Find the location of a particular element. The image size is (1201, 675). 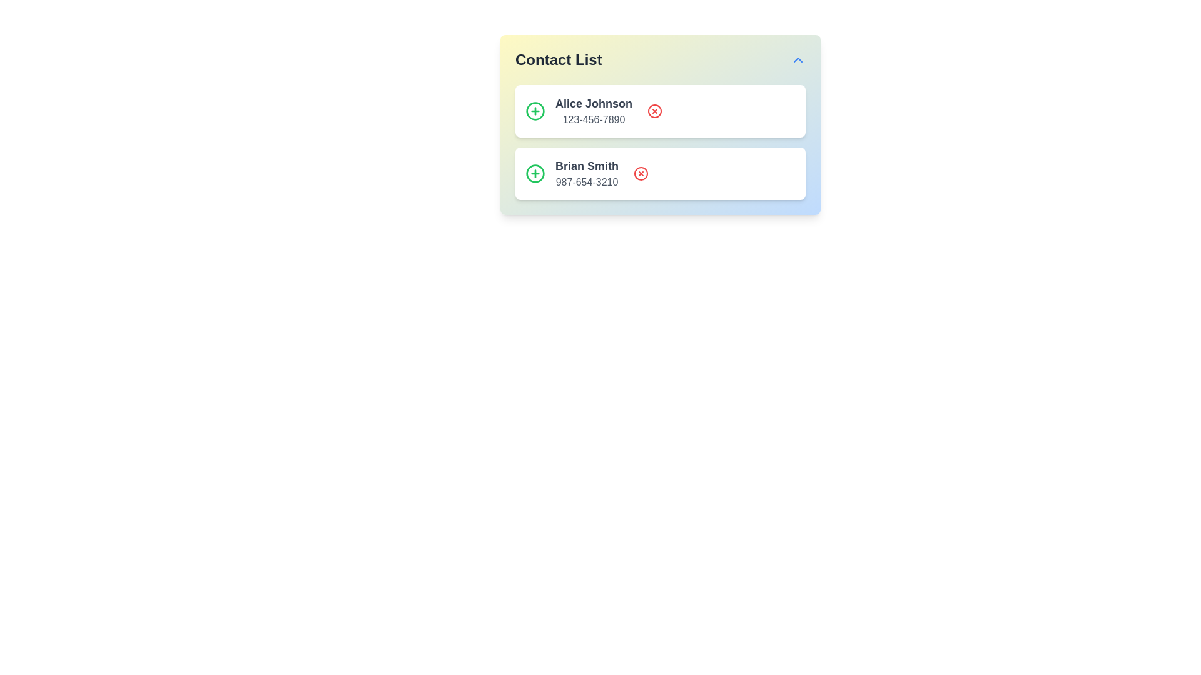

the circular red button with a cross (X) symbol located in the bottom-right corner of the card named 'Brian Smith' is located at coordinates (641, 173).